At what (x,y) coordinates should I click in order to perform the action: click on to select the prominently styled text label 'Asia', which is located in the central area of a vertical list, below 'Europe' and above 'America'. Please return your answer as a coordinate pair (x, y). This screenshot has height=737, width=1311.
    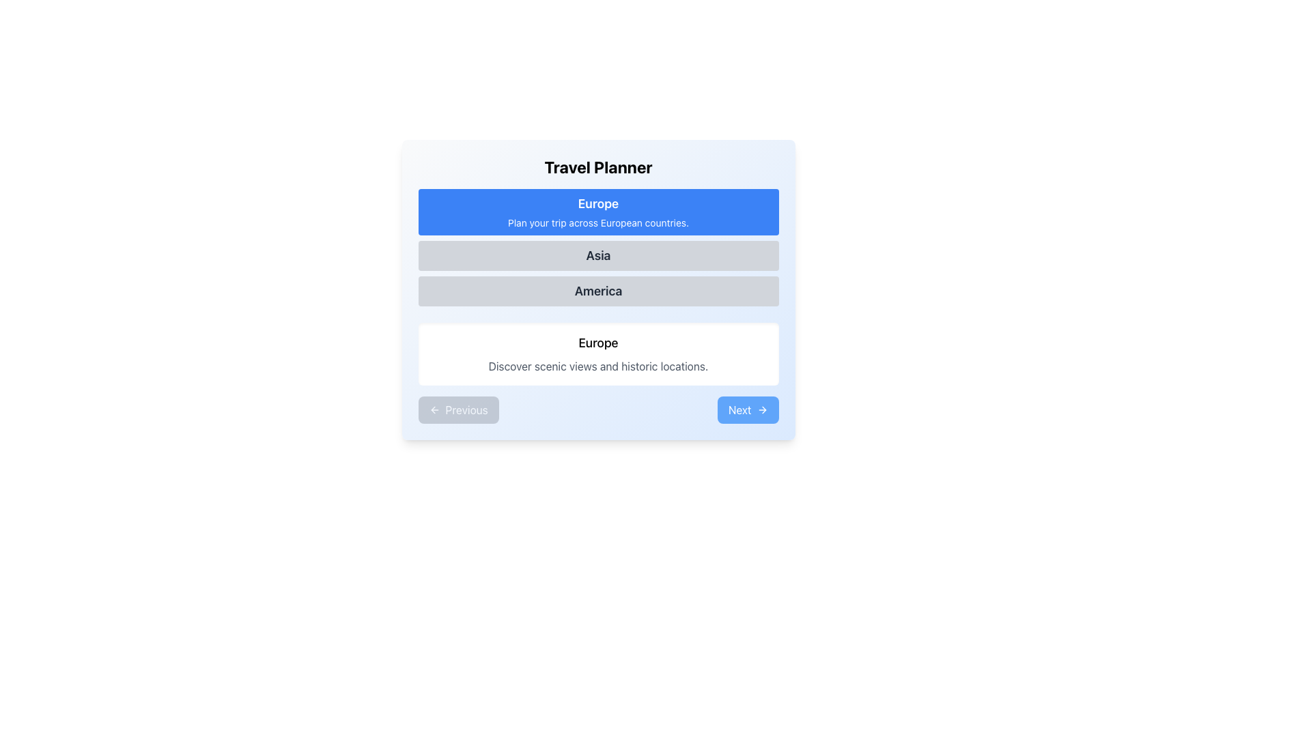
    Looking at the image, I should click on (598, 255).